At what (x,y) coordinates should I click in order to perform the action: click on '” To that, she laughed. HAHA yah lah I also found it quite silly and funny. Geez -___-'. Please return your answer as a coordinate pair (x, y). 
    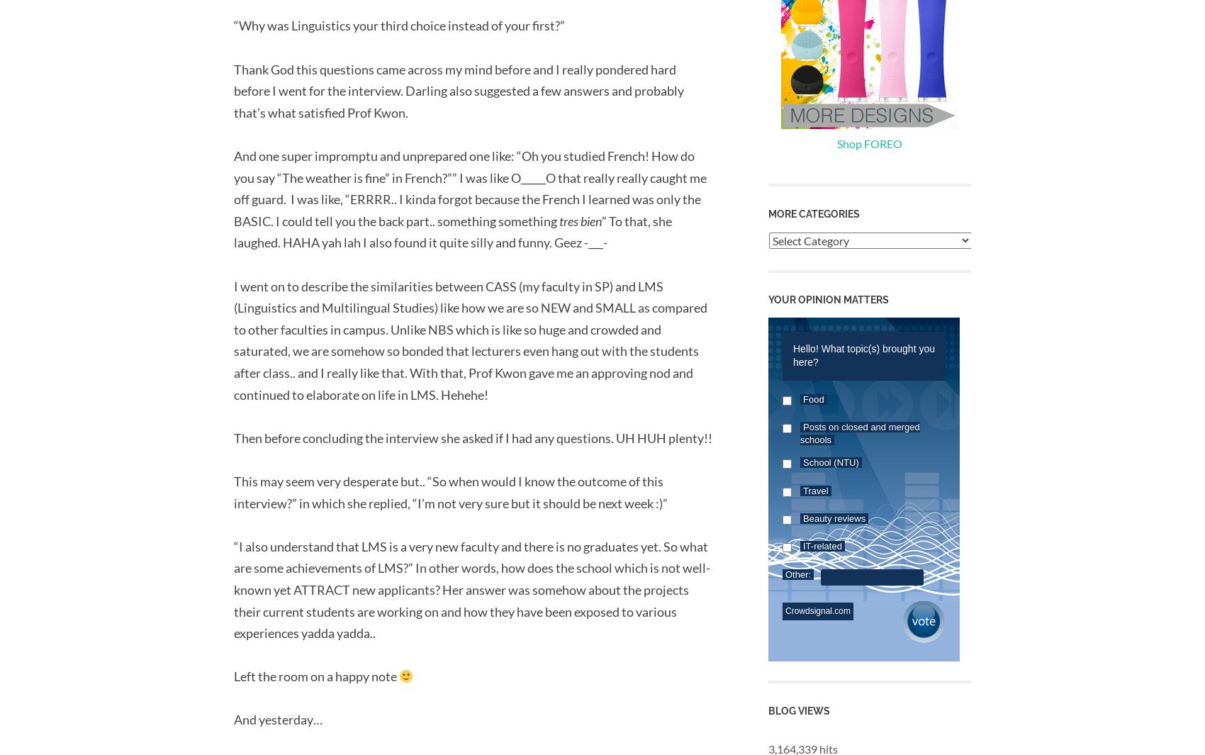
    Looking at the image, I should click on (453, 230).